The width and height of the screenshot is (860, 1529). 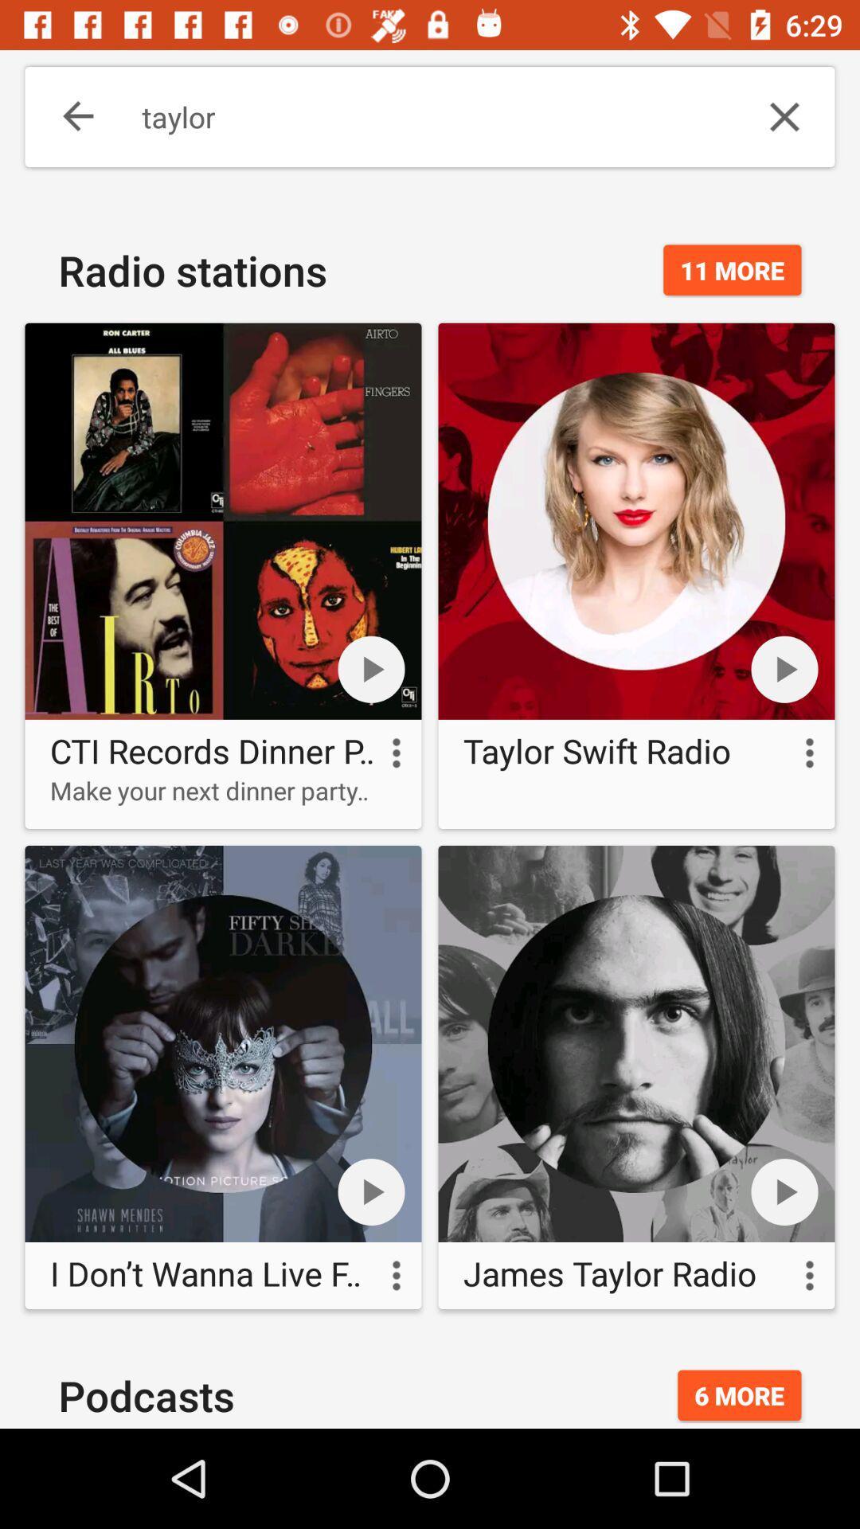 What do you see at coordinates (784, 116) in the screenshot?
I see `the icon next to taylor item` at bounding box center [784, 116].